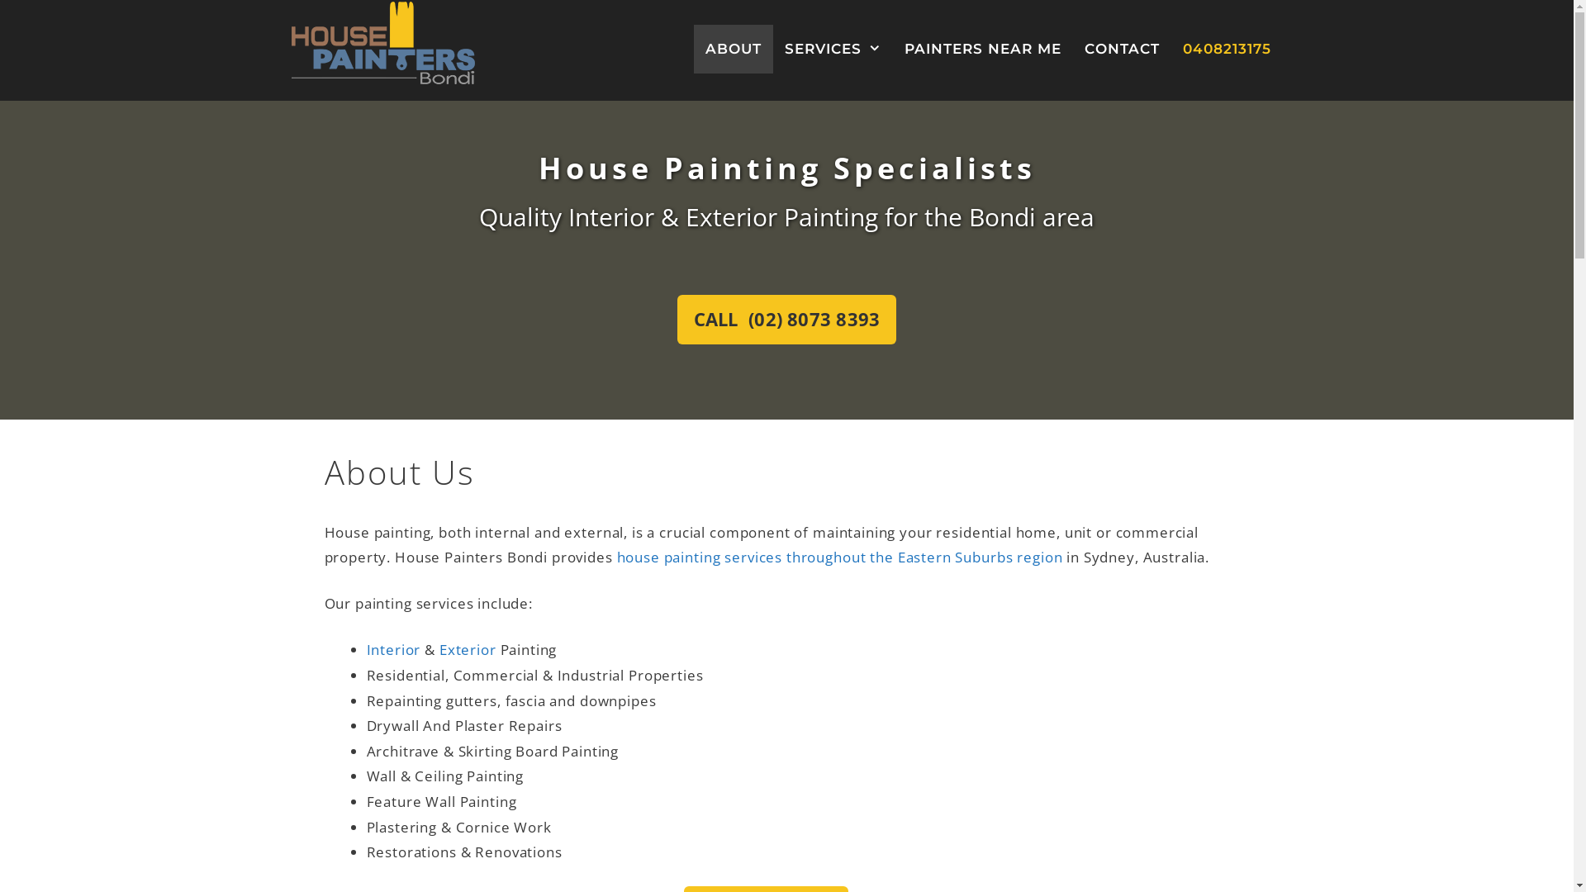 The image size is (1586, 892). Describe the element at coordinates (467, 648) in the screenshot. I see `'Exterior'` at that location.